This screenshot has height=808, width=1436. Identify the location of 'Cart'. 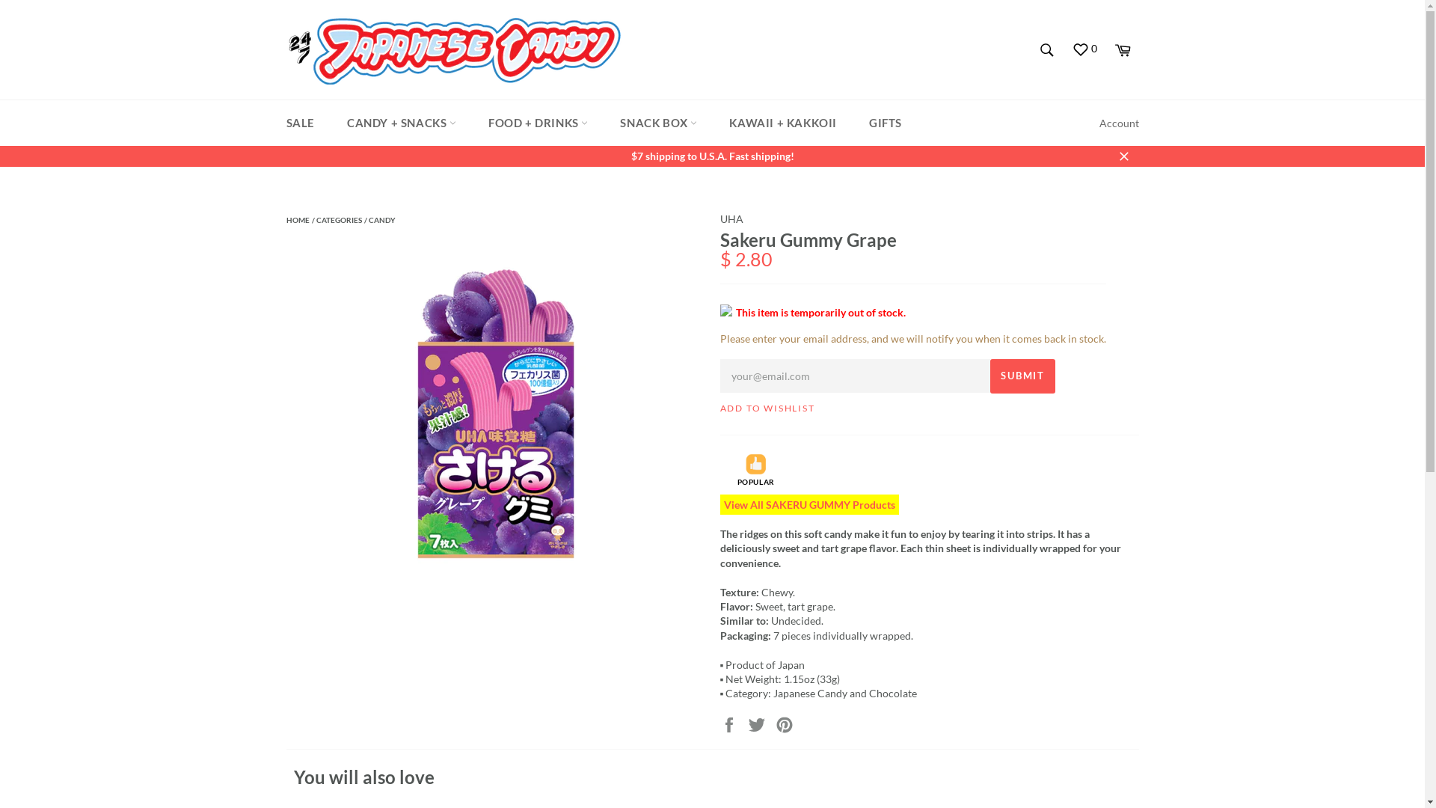
(1123, 49).